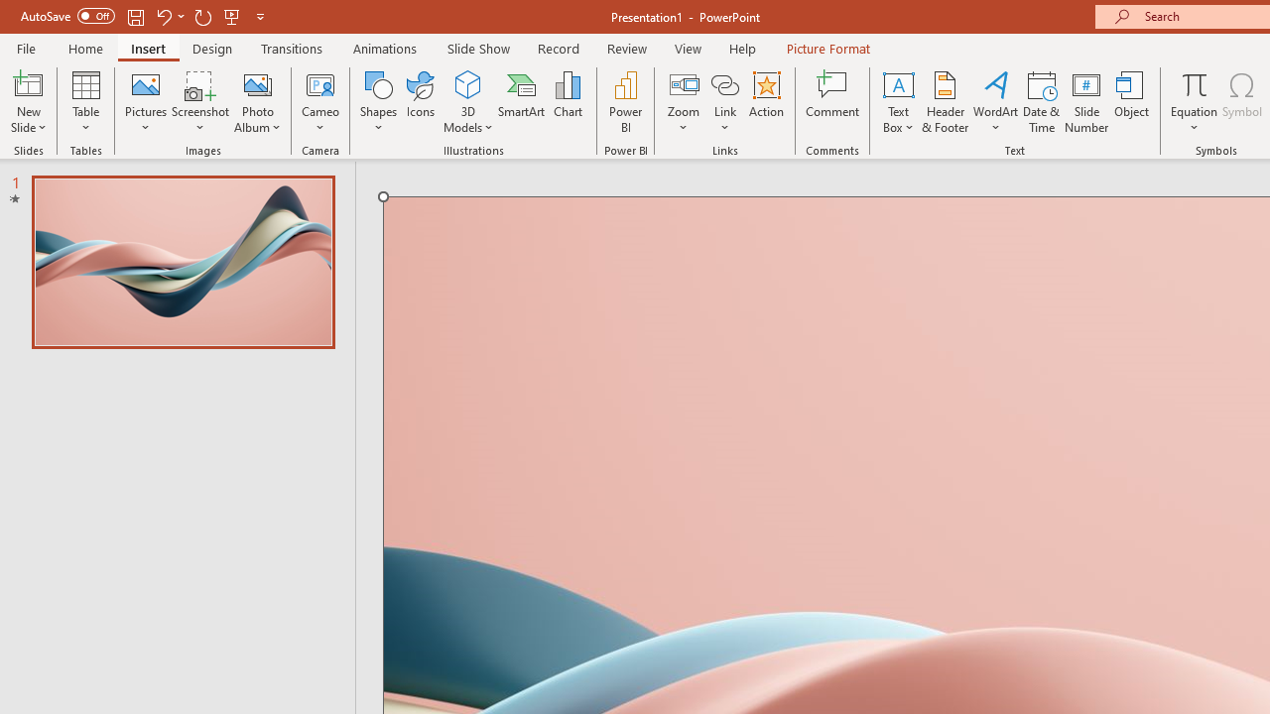 Image resolution: width=1270 pixels, height=714 pixels. Describe the element at coordinates (897, 83) in the screenshot. I see `'Draw Horizontal Text Box'` at that location.